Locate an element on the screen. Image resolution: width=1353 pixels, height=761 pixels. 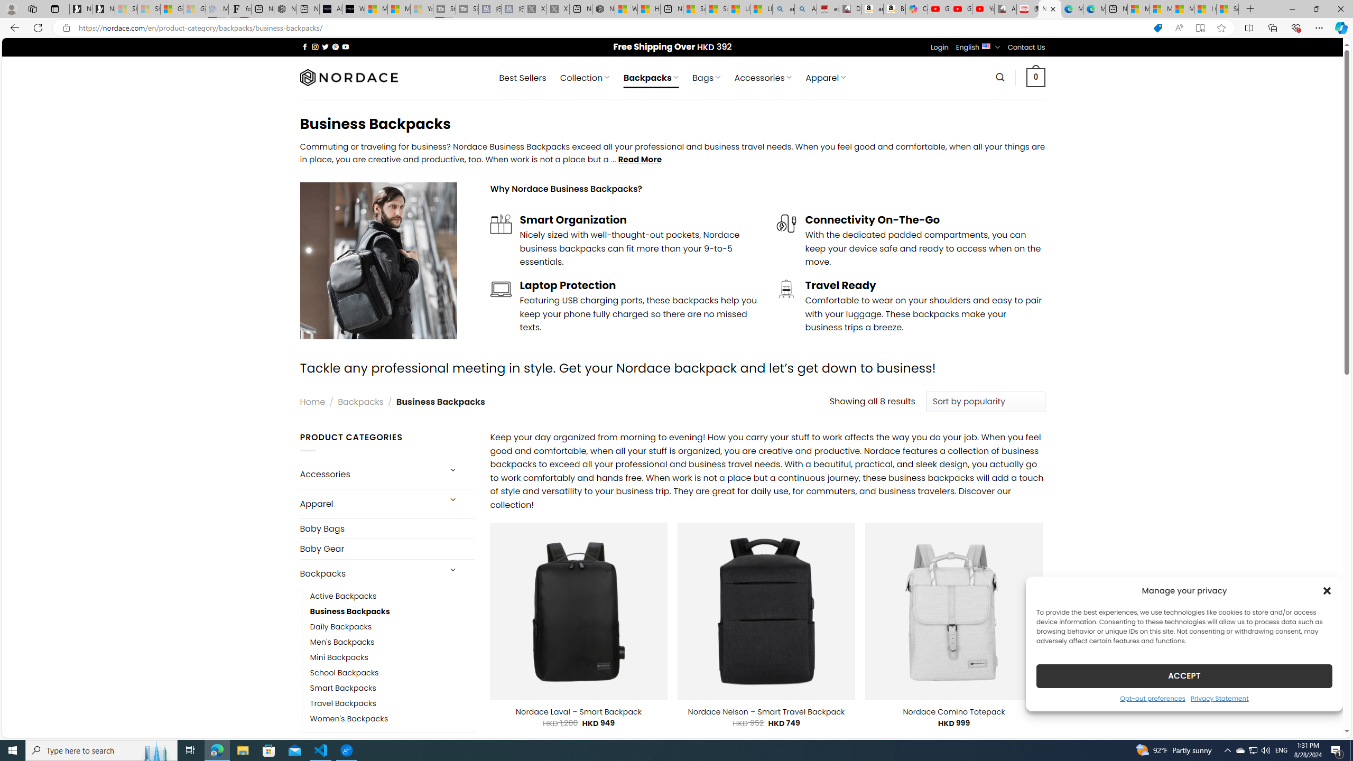
'Copilot' is located at coordinates (916, 8).